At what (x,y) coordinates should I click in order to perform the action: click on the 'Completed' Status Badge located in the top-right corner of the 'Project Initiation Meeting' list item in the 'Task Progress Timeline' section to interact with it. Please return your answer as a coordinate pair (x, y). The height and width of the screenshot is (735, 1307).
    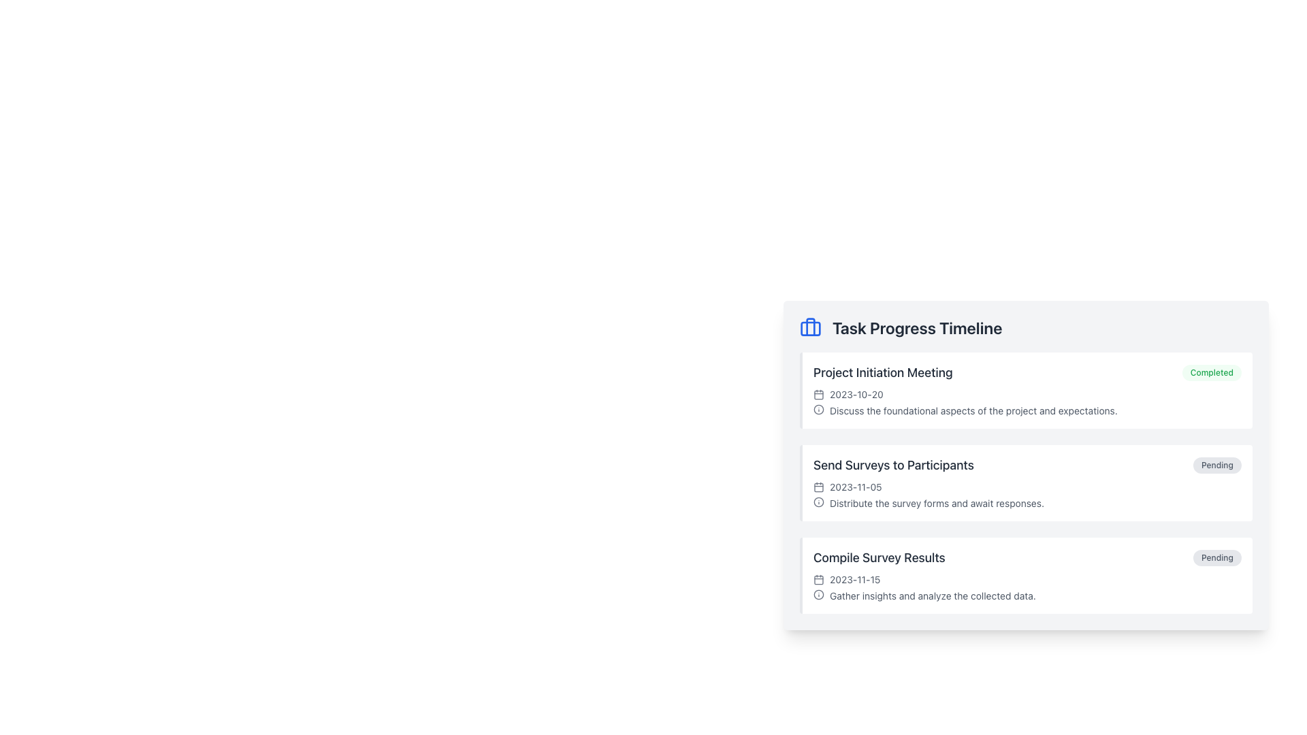
    Looking at the image, I should click on (1212, 372).